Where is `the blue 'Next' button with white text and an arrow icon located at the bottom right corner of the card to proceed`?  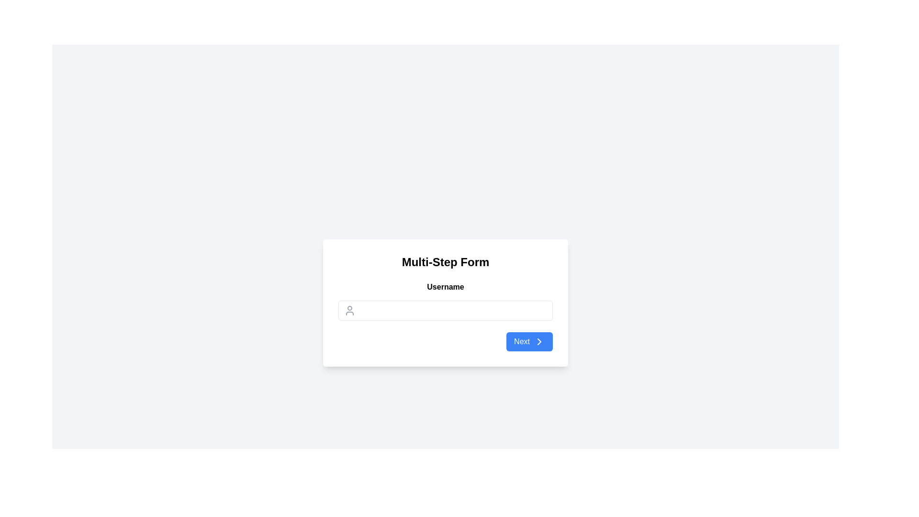
the blue 'Next' button with white text and an arrow icon located at the bottom right corner of the card to proceed is located at coordinates (529, 341).